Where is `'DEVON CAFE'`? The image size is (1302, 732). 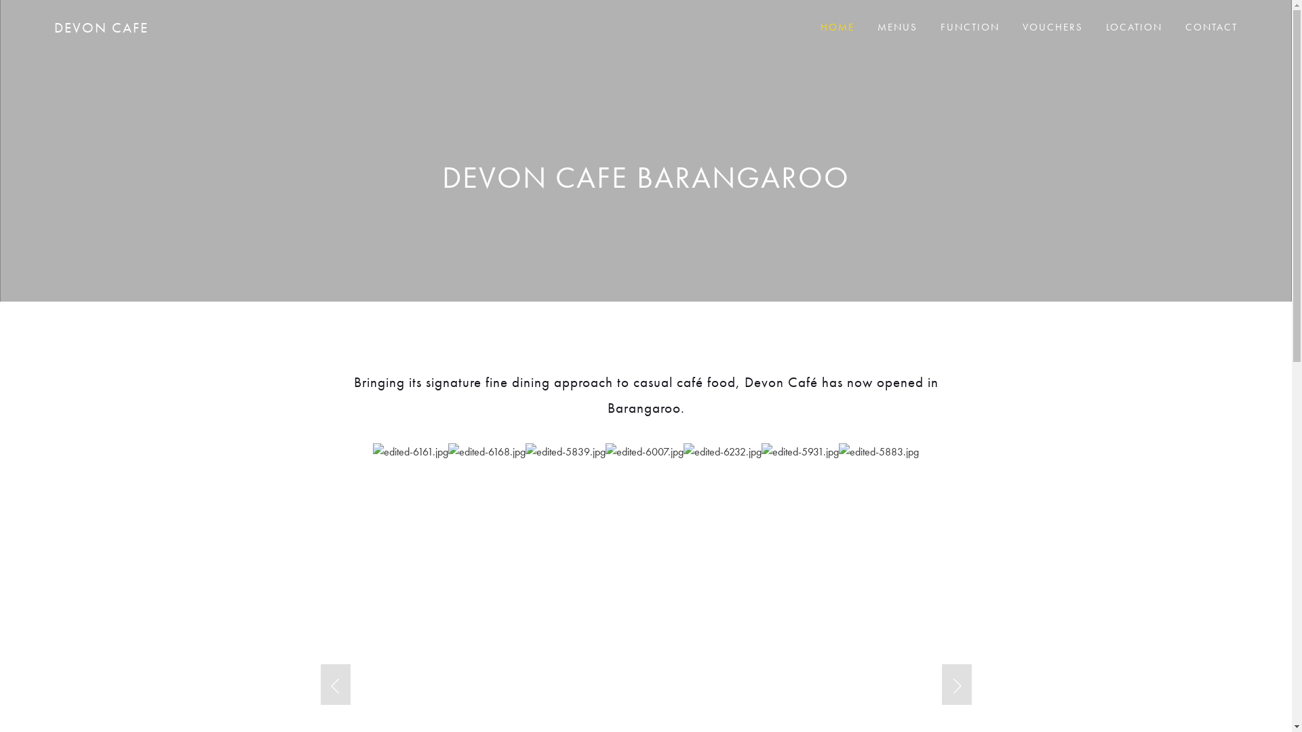
'DEVON CAFE' is located at coordinates (100, 26).